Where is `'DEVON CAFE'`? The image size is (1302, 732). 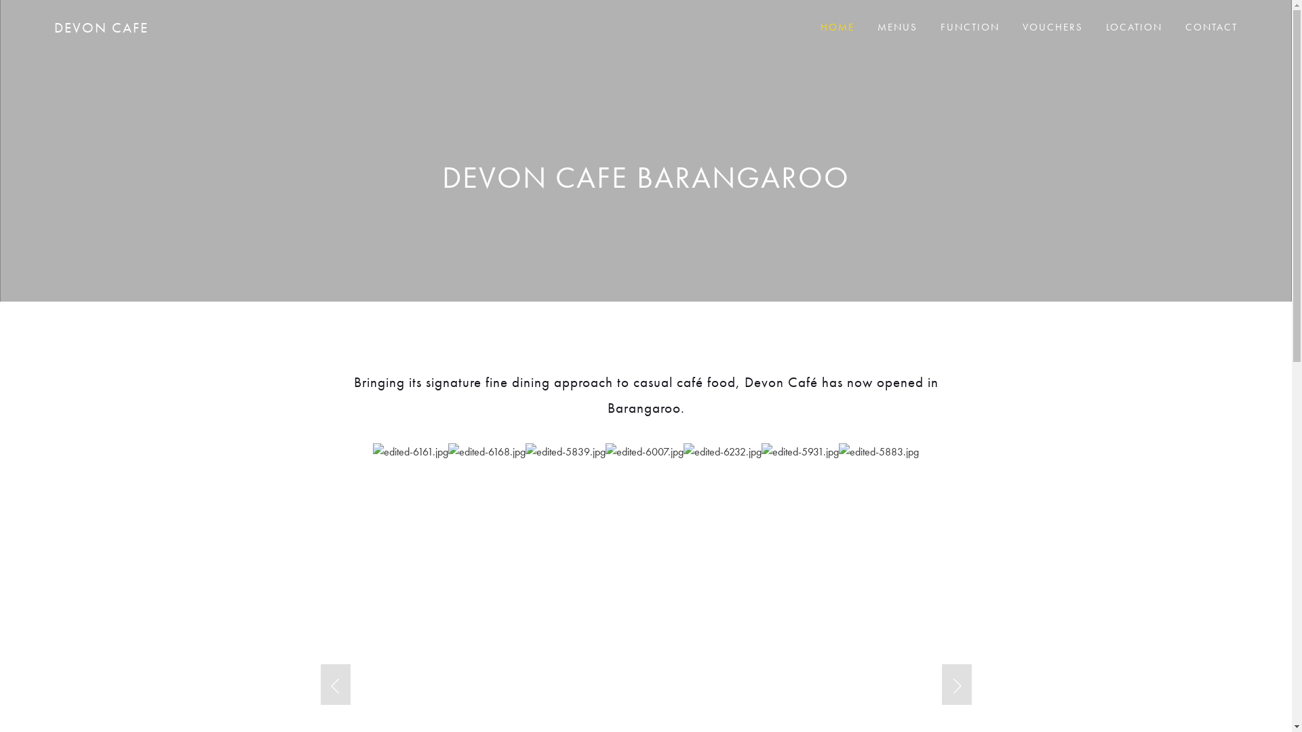
'DEVON CAFE' is located at coordinates (100, 26).